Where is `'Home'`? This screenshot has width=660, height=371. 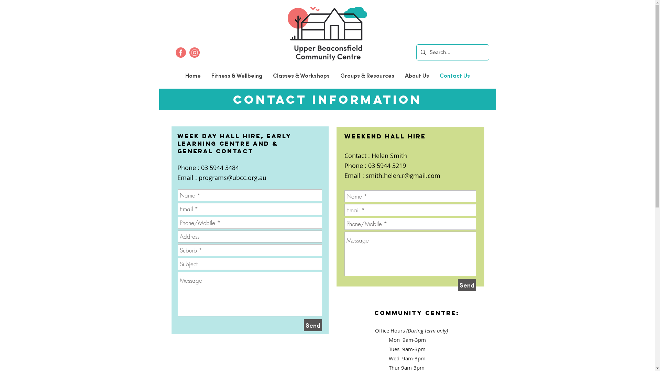 'Home' is located at coordinates (192, 75).